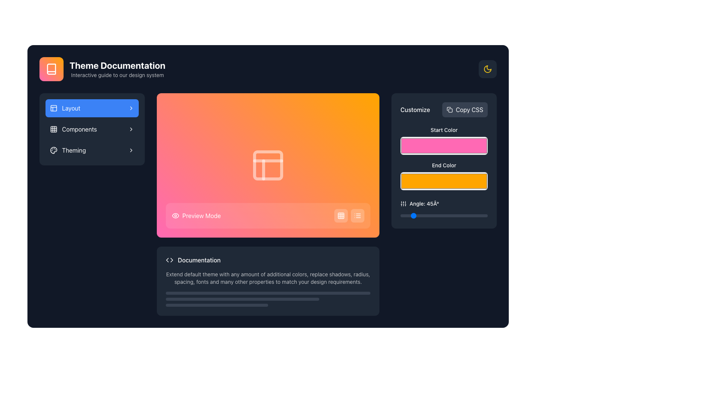 Image resolution: width=722 pixels, height=406 pixels. Describe the element at coordinates (456, 216) in the screenshot. I see `the slider value` at that location.